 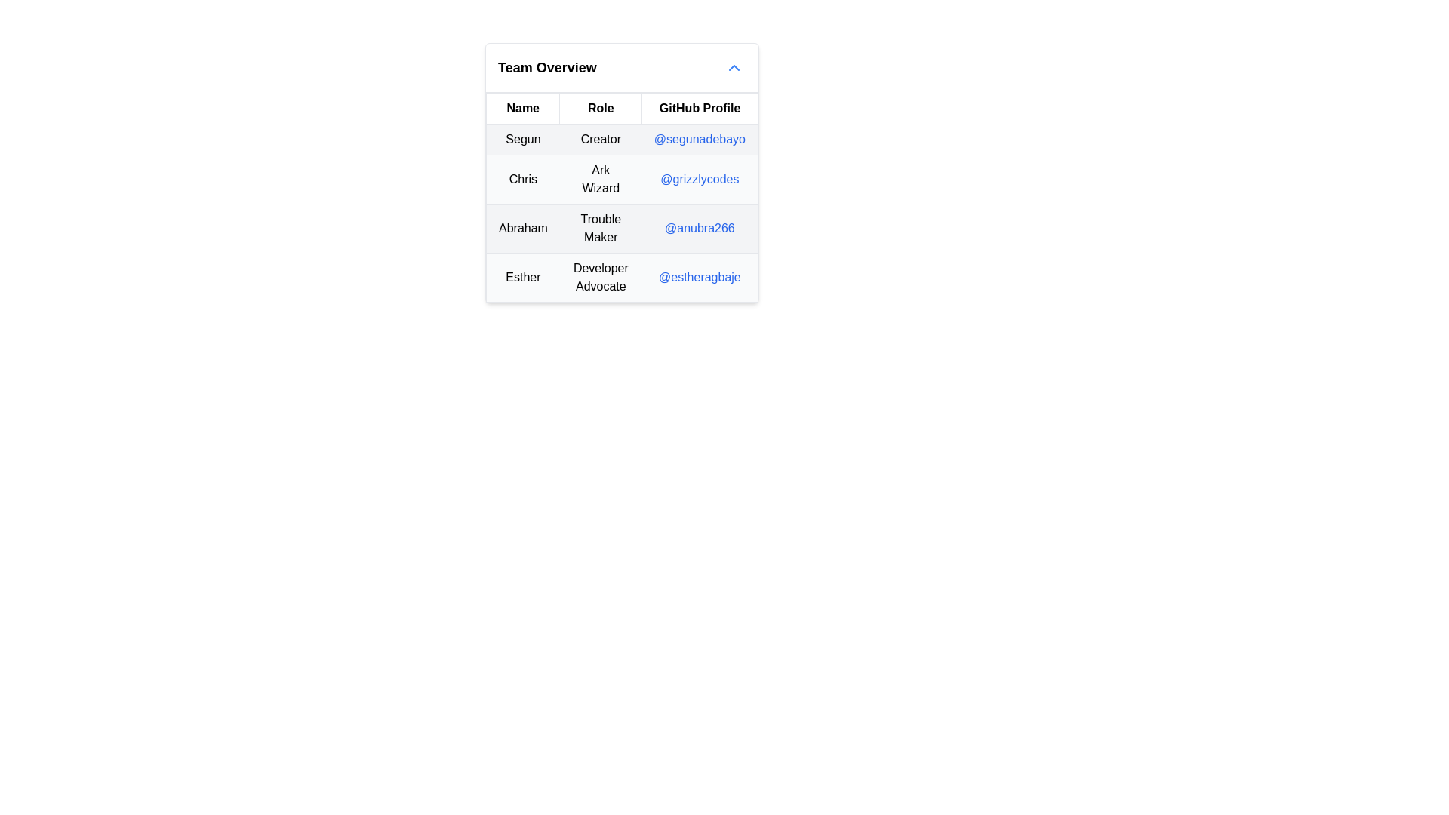 I want to click on the 'GitHub Profile' header in the table, which is the rightmost header in the third column, serving to identify GitHub profile links of team members, so click(x=699, y=107).